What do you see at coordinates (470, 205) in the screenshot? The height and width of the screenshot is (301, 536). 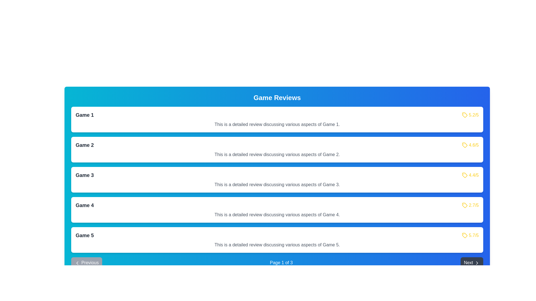 I see `the yellow-colored star rating label displaying '2.7/5' adjacent to the title 'Game 4' on the far right of the list` at bounding box center [470, 205].